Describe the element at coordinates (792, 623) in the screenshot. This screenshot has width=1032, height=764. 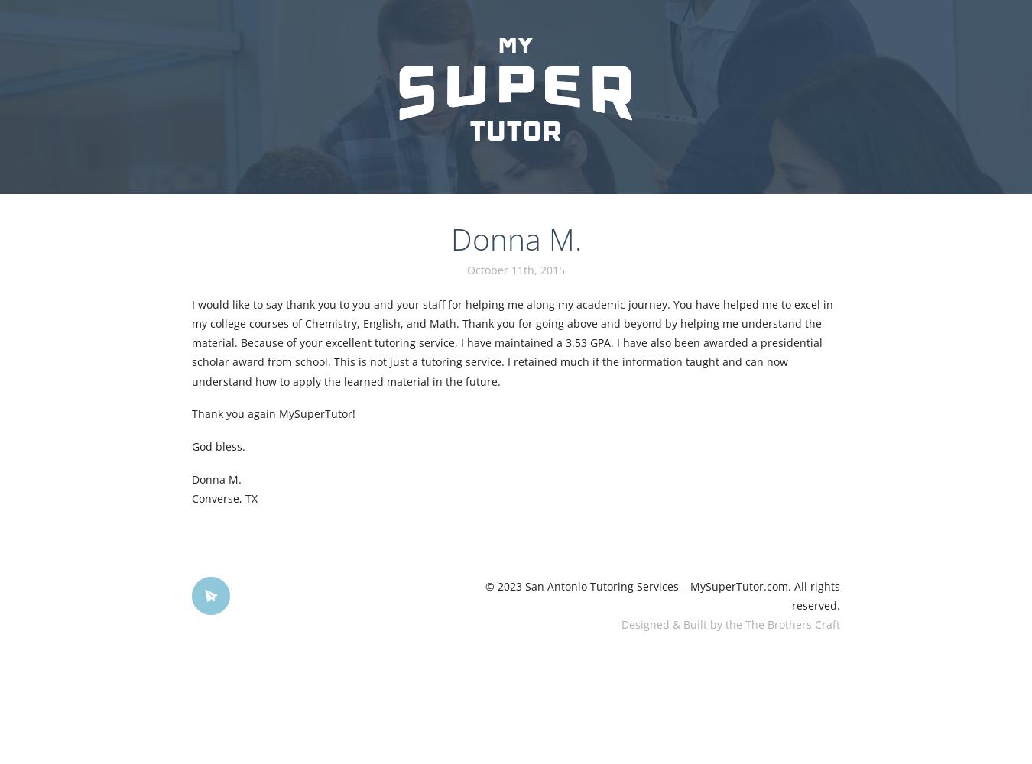
I see `'The Brothers Craft'` at that location.